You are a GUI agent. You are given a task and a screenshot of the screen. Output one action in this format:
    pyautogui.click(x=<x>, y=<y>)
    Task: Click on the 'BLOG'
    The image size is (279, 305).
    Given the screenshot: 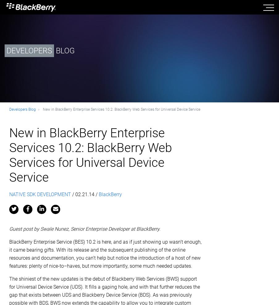 What is the action you would take?
    pyautogui.click(x=64, y=50)
    